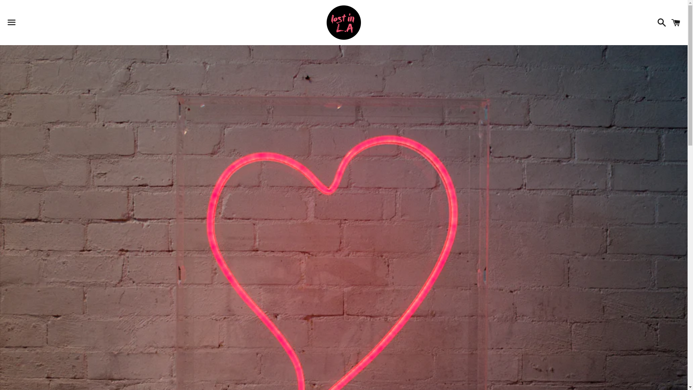 The image size is (693, 390). Describe the element at coordinates (660, 22) in the screenshot. I see `'Search'` at that location.